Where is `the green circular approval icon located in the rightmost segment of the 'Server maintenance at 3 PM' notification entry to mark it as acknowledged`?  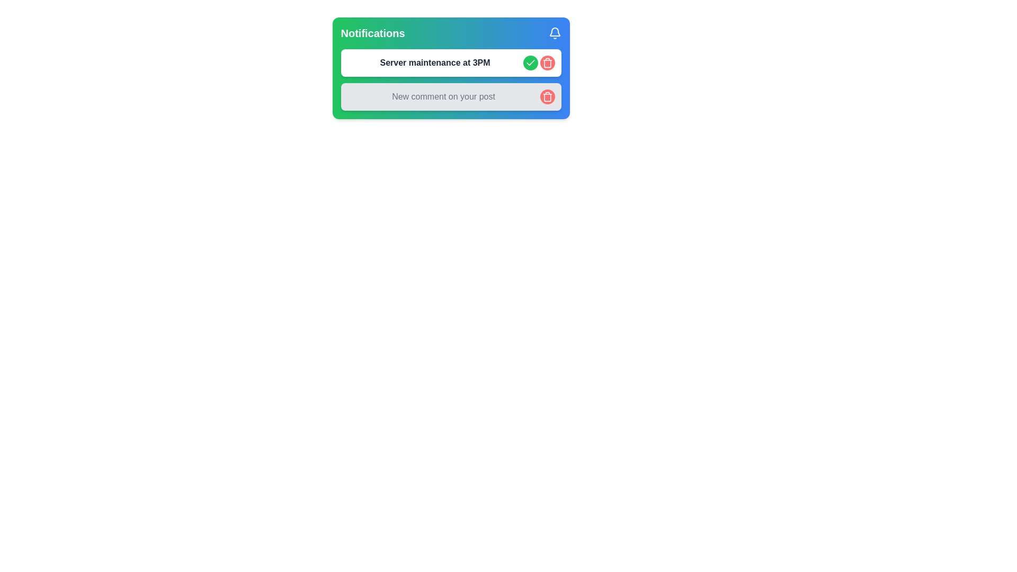 the green circular approval icon located in the rightmost segment of the 'Server maintenance at 3 PM' notification entry to mark it as acknowledged is located at coordinates (530, 62).